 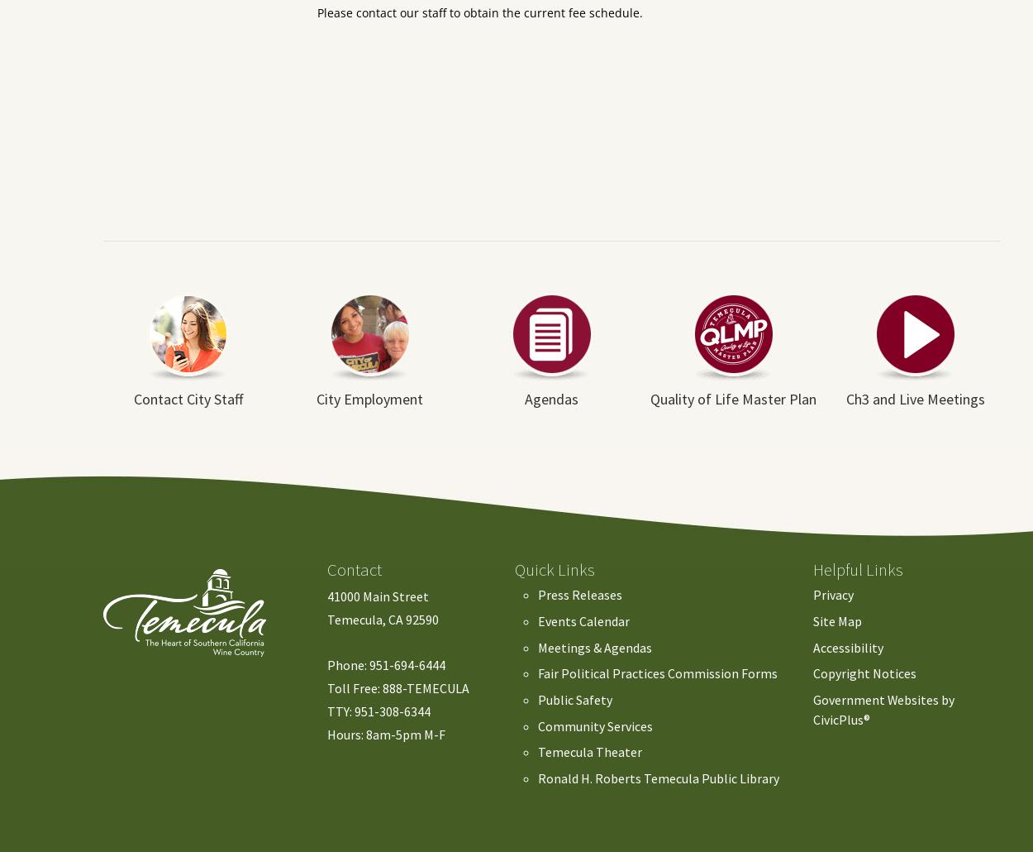 I want to click on 'Privacy', so click(x=833, y=595).